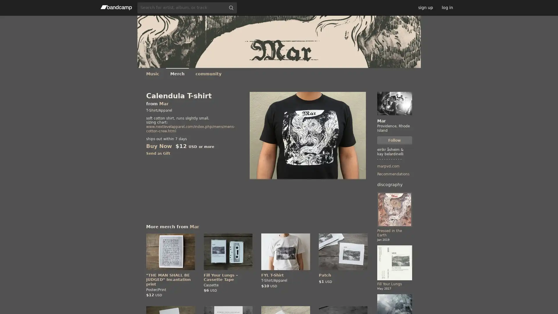  I want to click on Send as Gift, so click(158, 153).